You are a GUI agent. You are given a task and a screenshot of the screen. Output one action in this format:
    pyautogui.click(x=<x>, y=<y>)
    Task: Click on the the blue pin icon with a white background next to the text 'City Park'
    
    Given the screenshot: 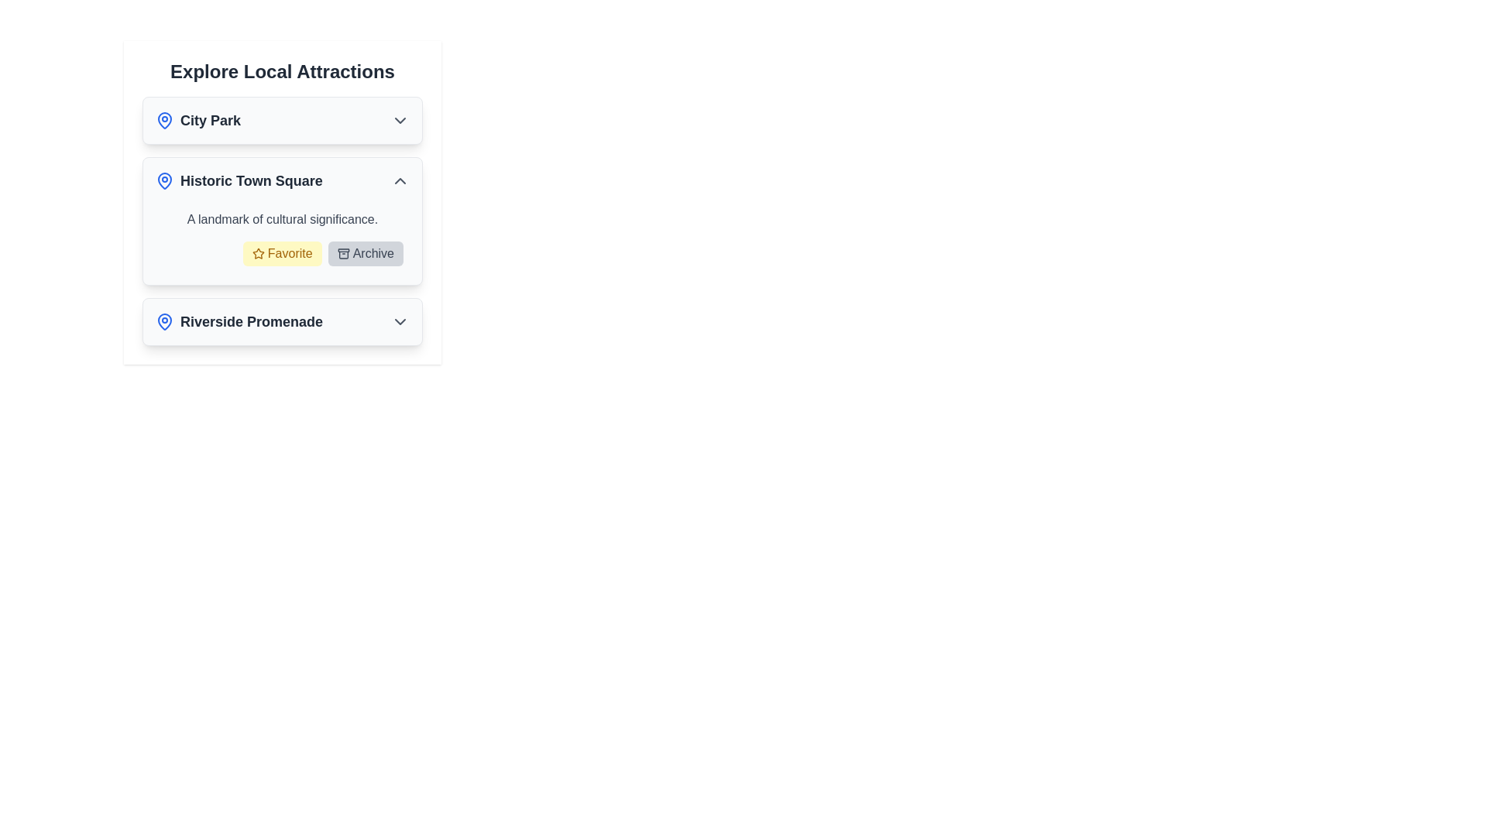 What is the action you would take?
    pyautogui.click(x=164, y=119)
    